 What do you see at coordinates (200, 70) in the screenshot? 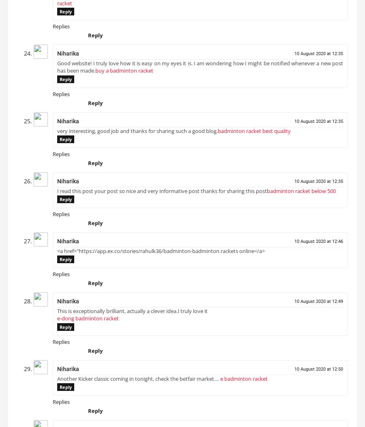
I see `'Good website! I truly love how it is easy on my eyes it is. I am wondering how I might be notified whenever a new post has been made.'` at bounding box center [200, 70].